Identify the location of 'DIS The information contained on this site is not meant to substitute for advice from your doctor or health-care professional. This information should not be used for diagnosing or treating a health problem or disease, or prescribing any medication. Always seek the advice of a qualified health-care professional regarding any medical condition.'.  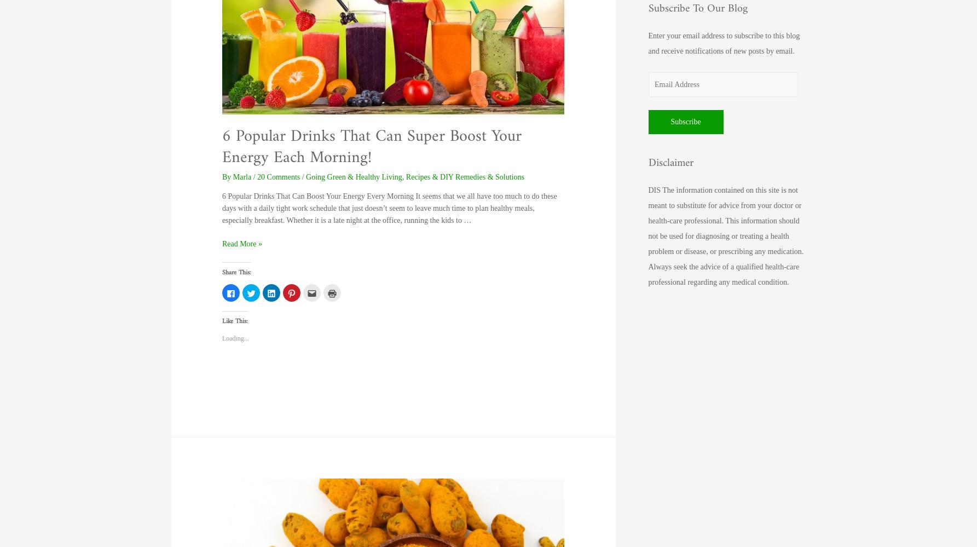
(647, 235).